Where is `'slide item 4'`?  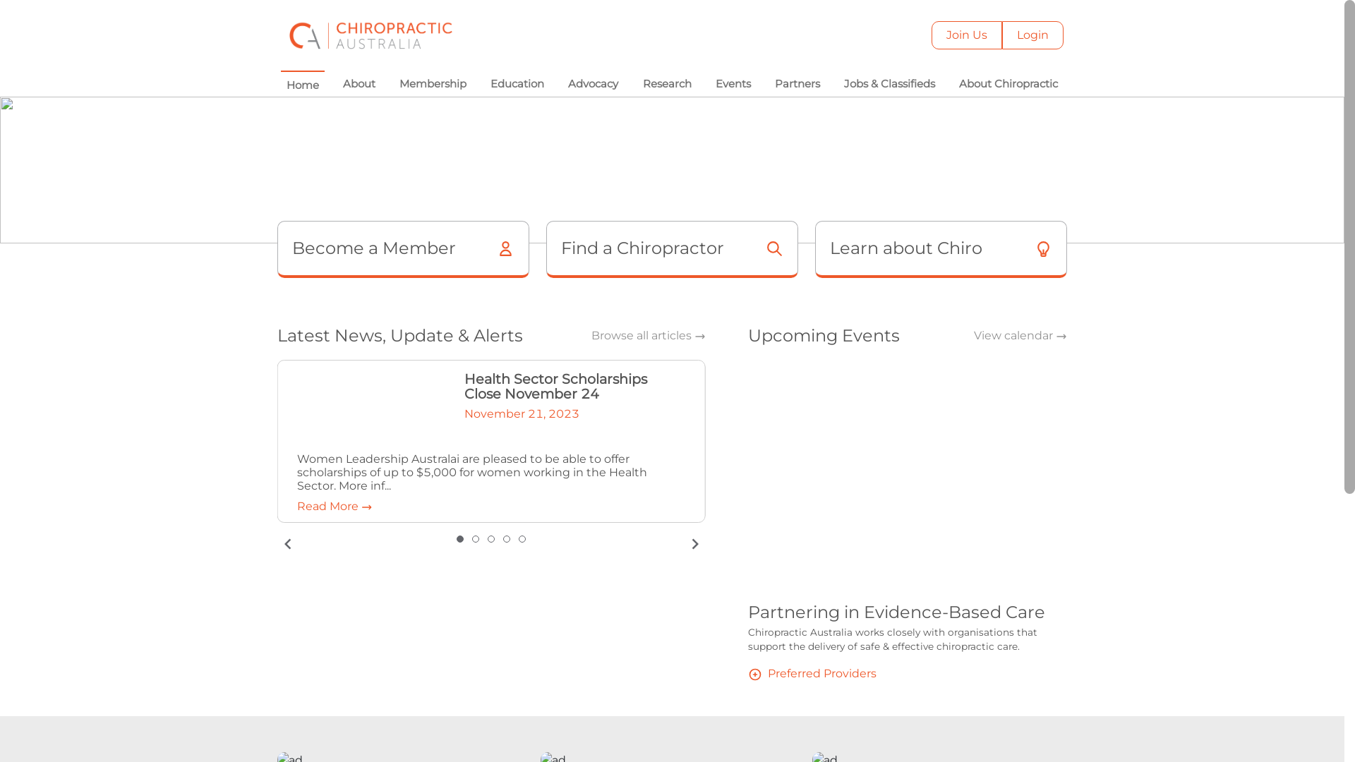
'slide item 4' is located at coordinates (507, 538).